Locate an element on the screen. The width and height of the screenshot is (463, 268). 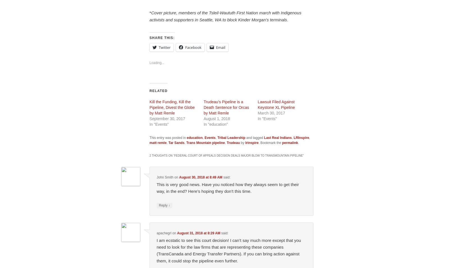
'*' is located at coordinates (150, 12).